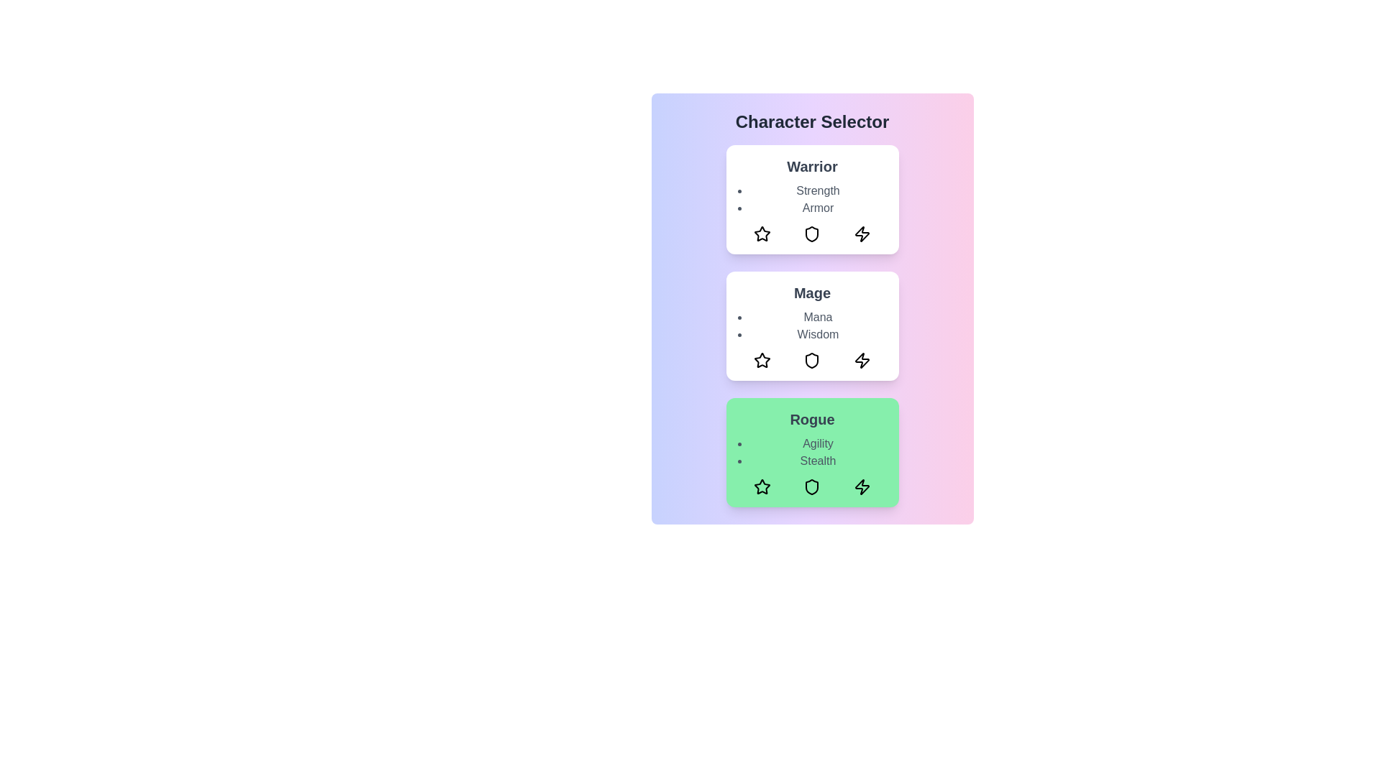 This screenshot has width=1381, height=776. I want to click on the star icon in the rogue card, so click(762, 486).